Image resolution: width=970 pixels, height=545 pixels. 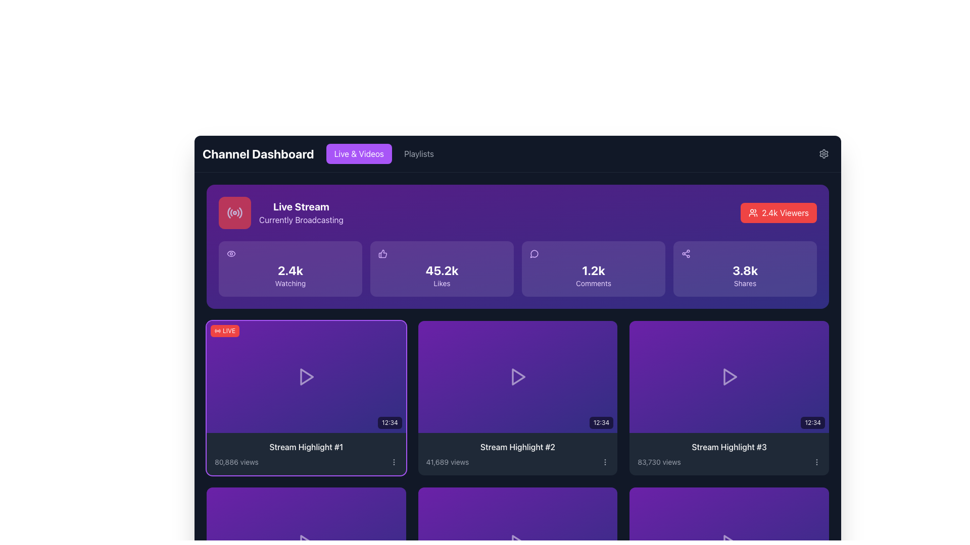 I want to click on the Text Label that indicates the user is viewing the 'Channel Dashboard' section, located in the top-left corner of the main content area, so click(x=258, y=153).